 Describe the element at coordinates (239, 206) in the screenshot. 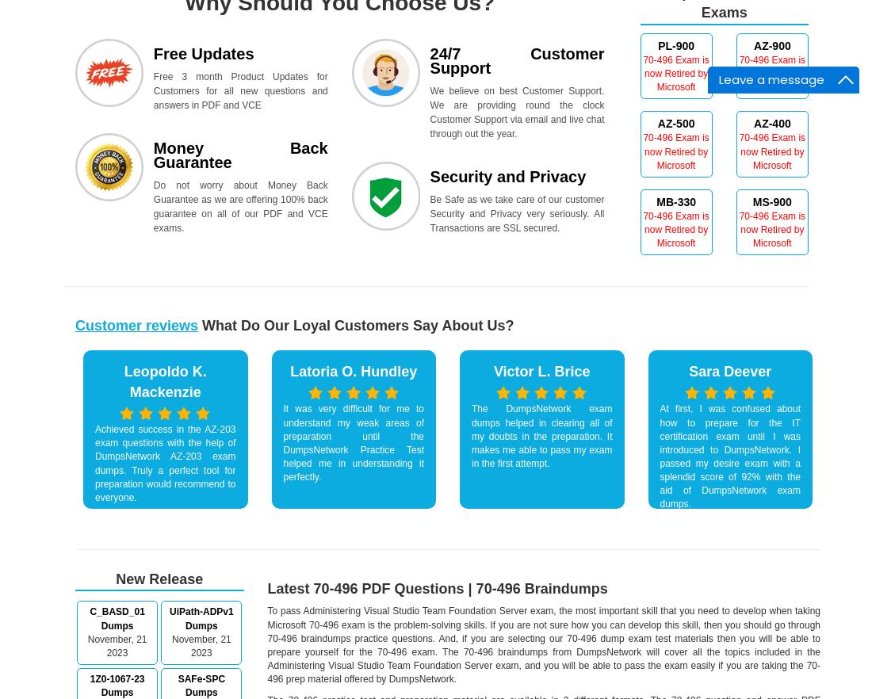

I see `'Do not worry about Money Back Guarantee as we are offering 100% back guarantee on all of our PDF and VCE exams.'` at that location.